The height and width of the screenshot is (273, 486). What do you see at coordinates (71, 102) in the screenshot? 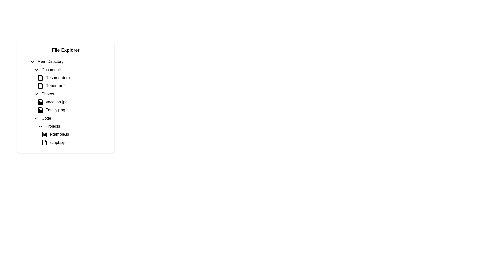
I see `the file entry item labeled 'Vacation.jpg' in the 'Photos' section of the file explorer` at bounding box center [71, 102].